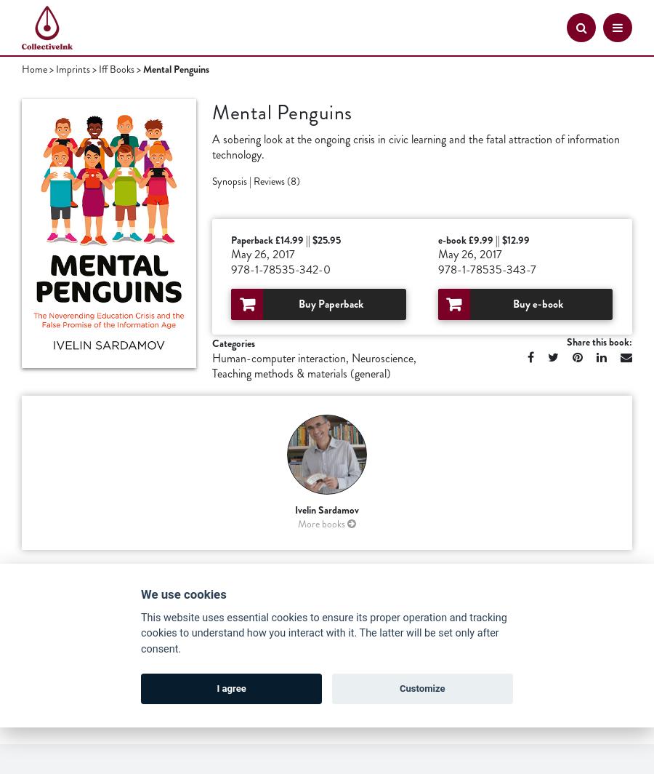  I want to click on 'Buy e-book', so click(536, 304).